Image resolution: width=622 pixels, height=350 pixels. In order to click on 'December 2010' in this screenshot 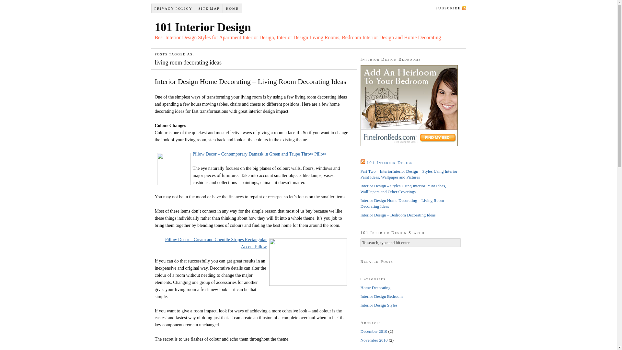, I will do `click(374, 331)`.